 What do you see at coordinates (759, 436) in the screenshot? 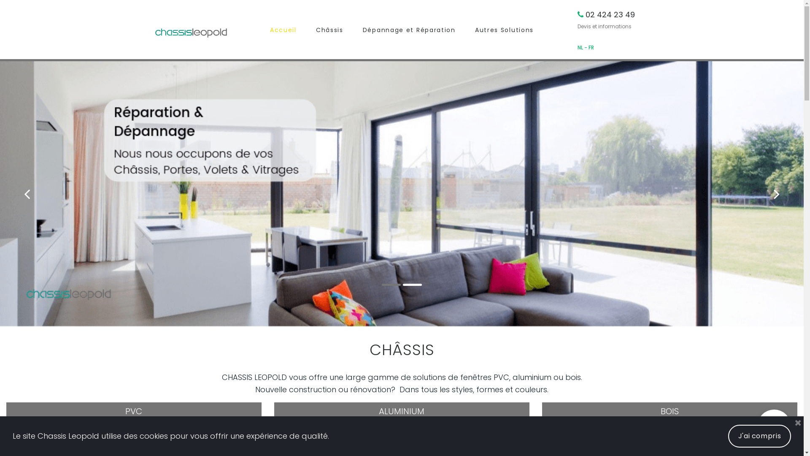
I see `'J'ai compris'` at bounding box center [759, 436].